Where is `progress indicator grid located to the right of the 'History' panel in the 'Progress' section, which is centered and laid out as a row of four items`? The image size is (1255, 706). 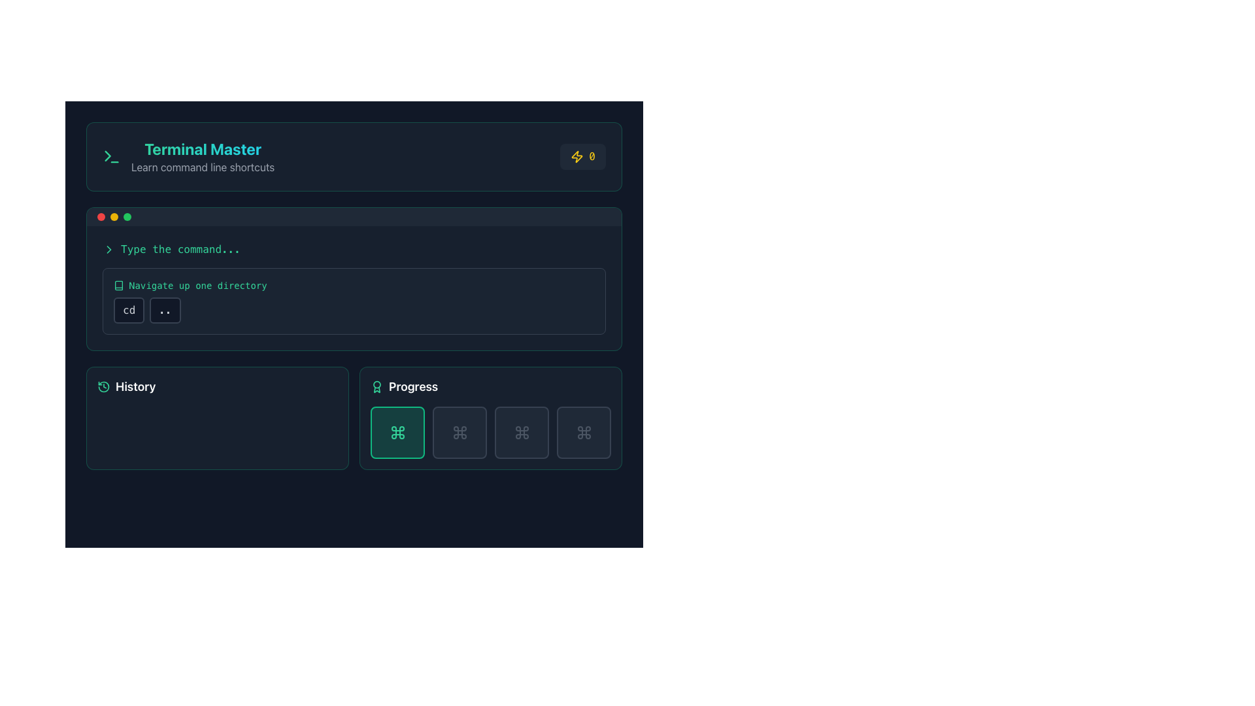 progress indicator grid located to the right of the 'History' panel in the 'Progress' section, which is centered and laid out as a row of four items is located at coordinates (490, 433).